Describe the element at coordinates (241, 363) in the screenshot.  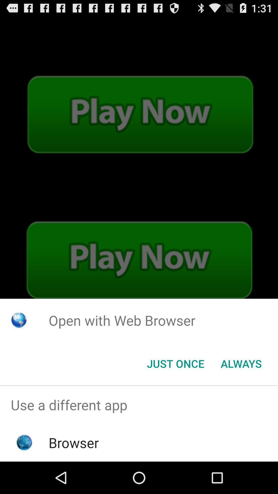
I see `the always item` at that location.